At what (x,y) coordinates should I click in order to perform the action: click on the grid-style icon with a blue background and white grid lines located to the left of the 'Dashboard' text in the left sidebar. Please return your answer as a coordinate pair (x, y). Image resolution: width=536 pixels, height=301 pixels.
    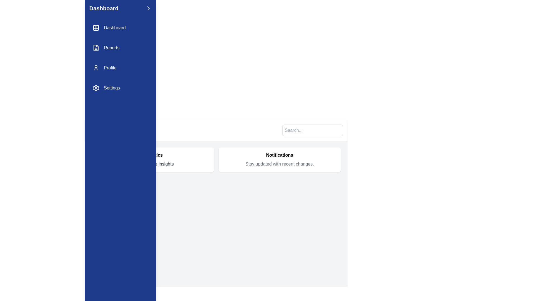
    Looking at the image, I should click on (96, 28).